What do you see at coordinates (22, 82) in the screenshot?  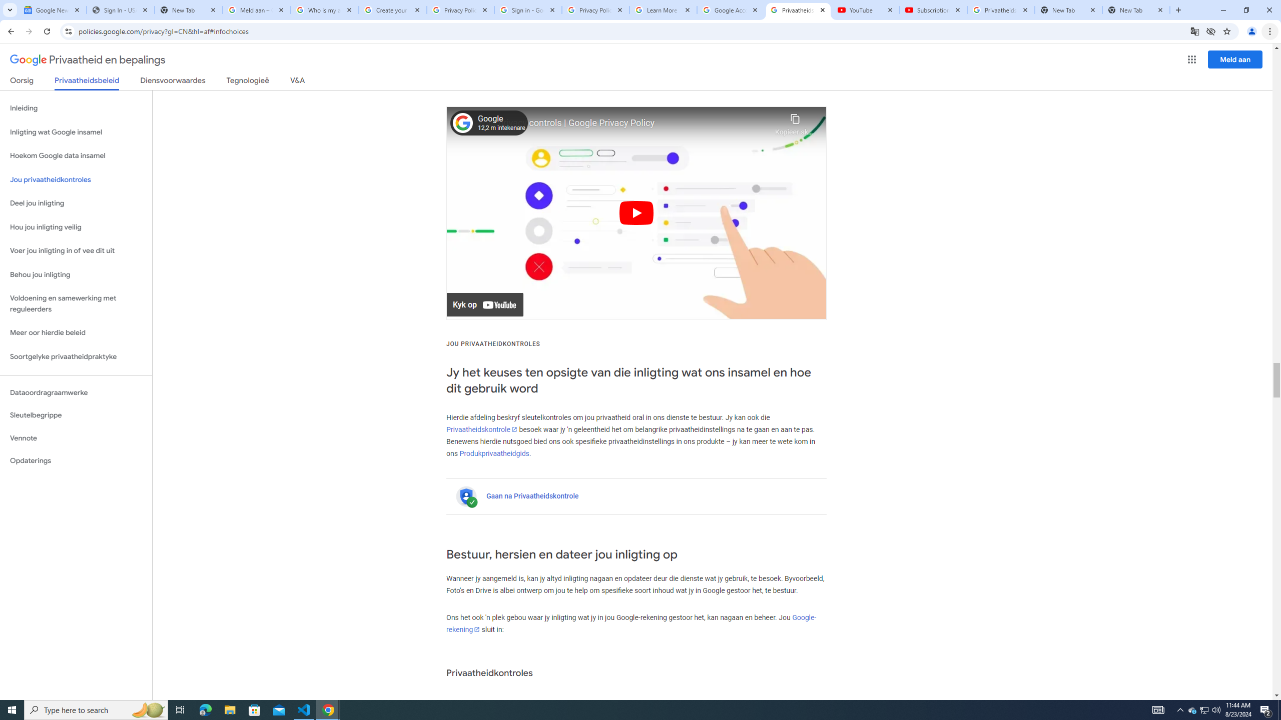 I see `'Oorsig'` at bounding box center [22, 82].